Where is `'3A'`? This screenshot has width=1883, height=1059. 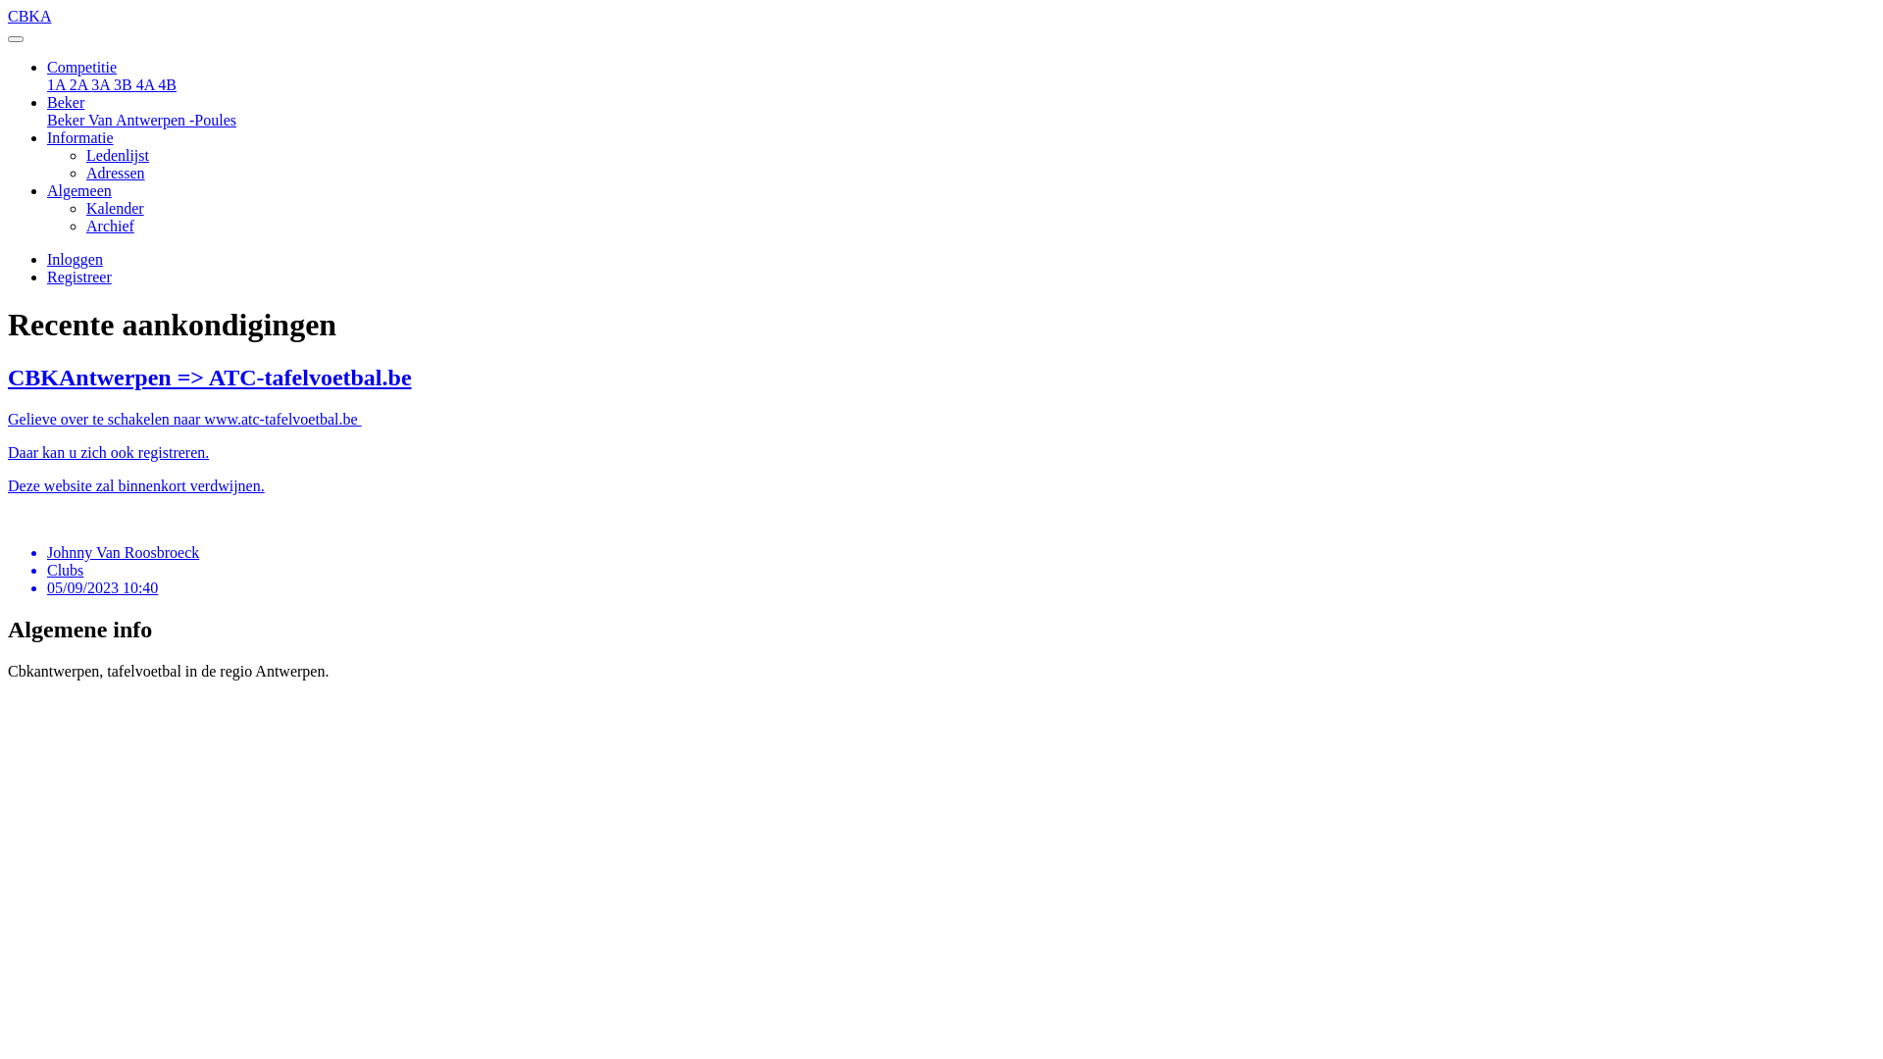
'3A' is located at coordinates (101, 83).